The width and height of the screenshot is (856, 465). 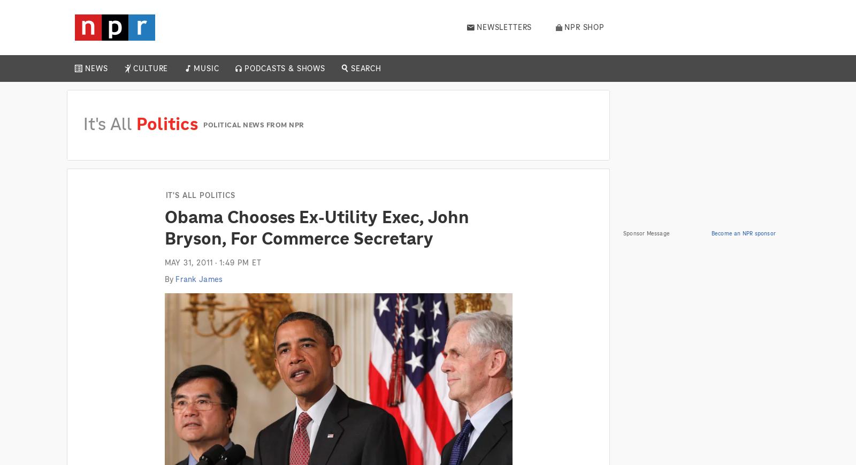 I want to click on 'Up First', so click(x=285, y=203).